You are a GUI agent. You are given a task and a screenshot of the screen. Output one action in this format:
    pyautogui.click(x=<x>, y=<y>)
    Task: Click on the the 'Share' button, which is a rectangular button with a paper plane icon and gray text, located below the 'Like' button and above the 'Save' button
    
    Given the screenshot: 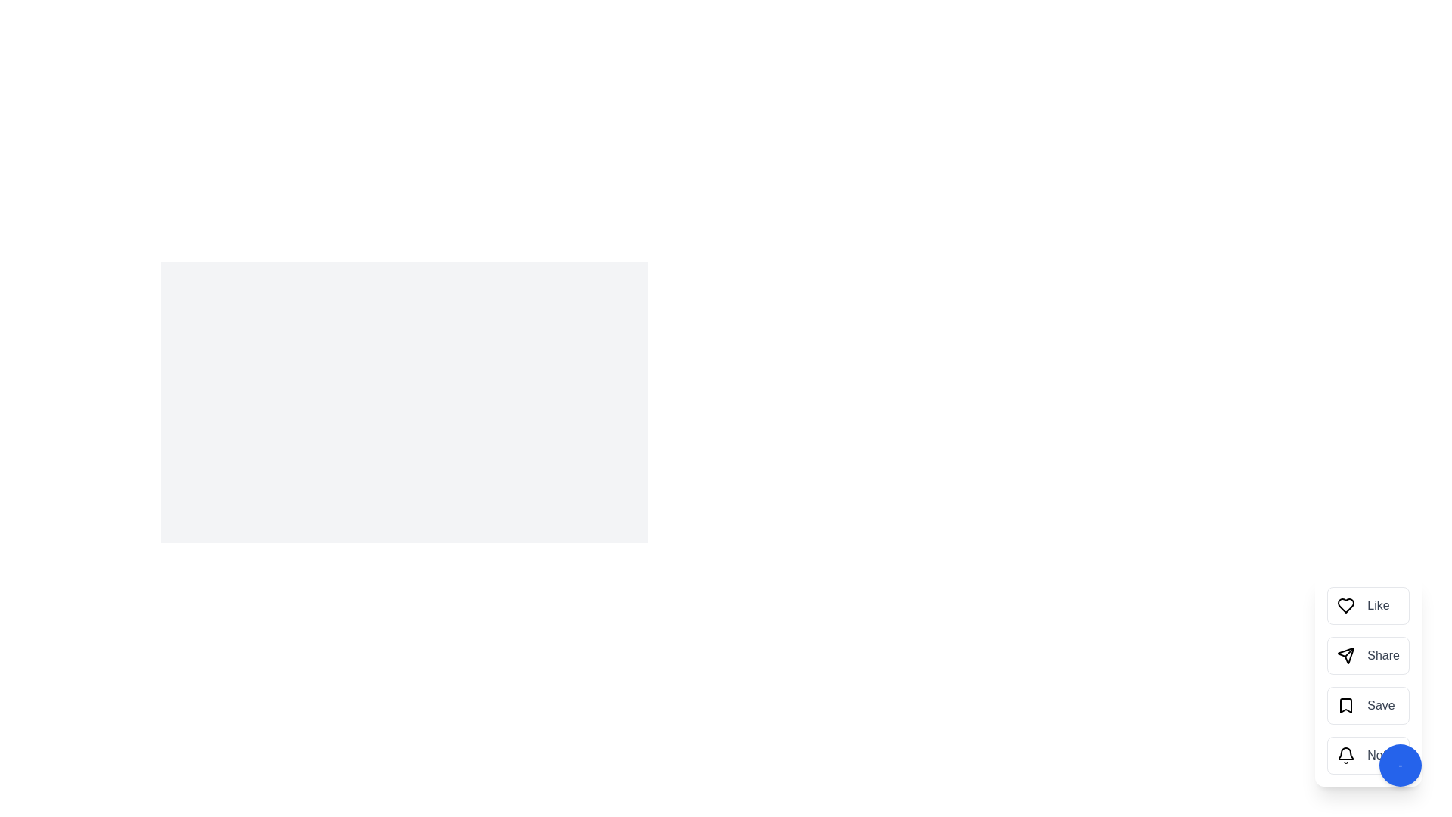 What is the action you would take?
    pyautogui.click(x=1368, y=655)
    